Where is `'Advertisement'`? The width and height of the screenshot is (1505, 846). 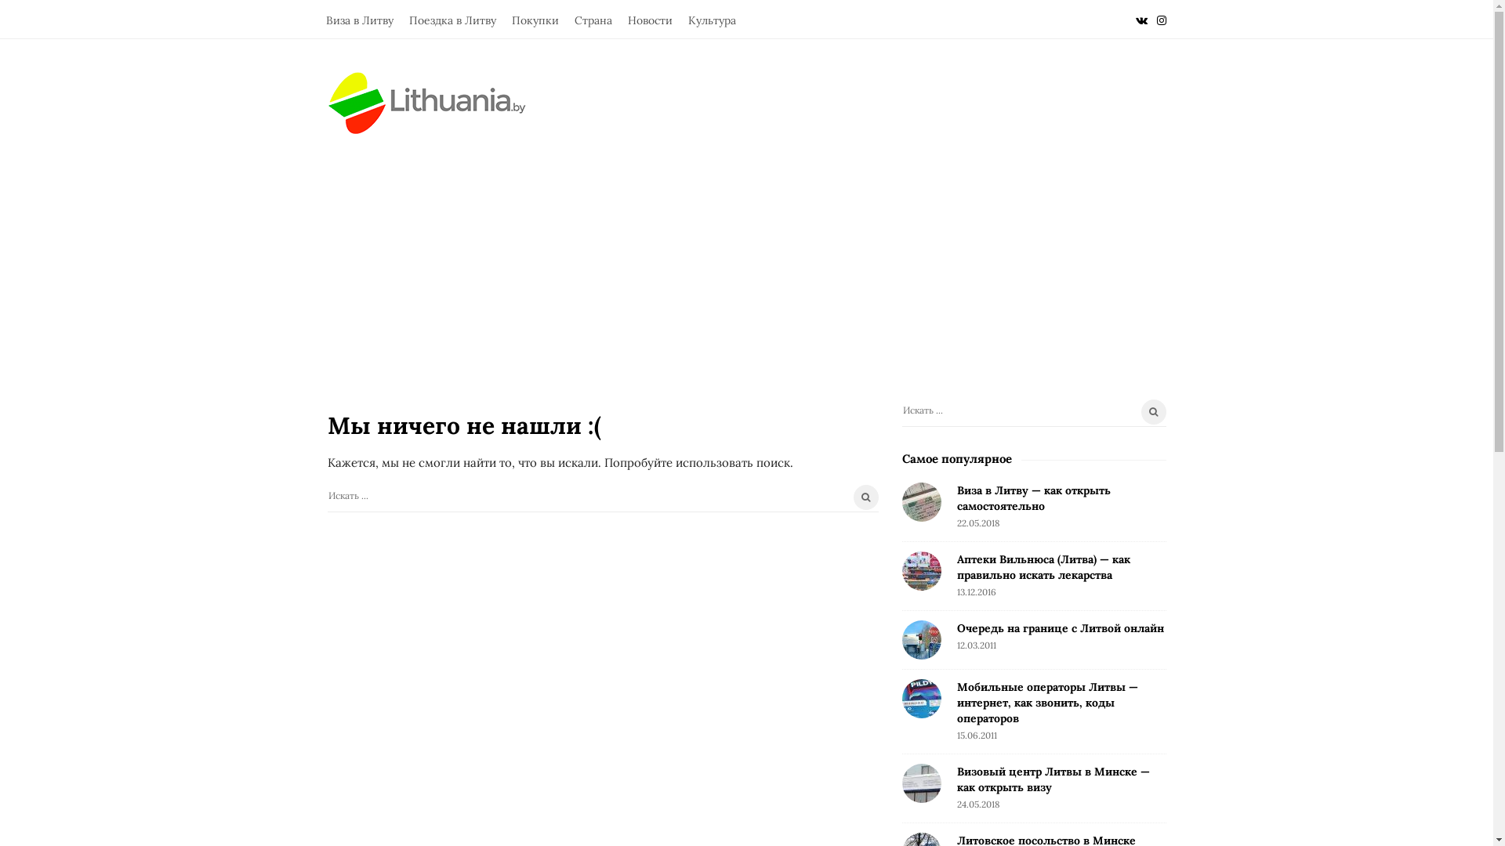
'Advertisement' is located at coordinates (275, 251).